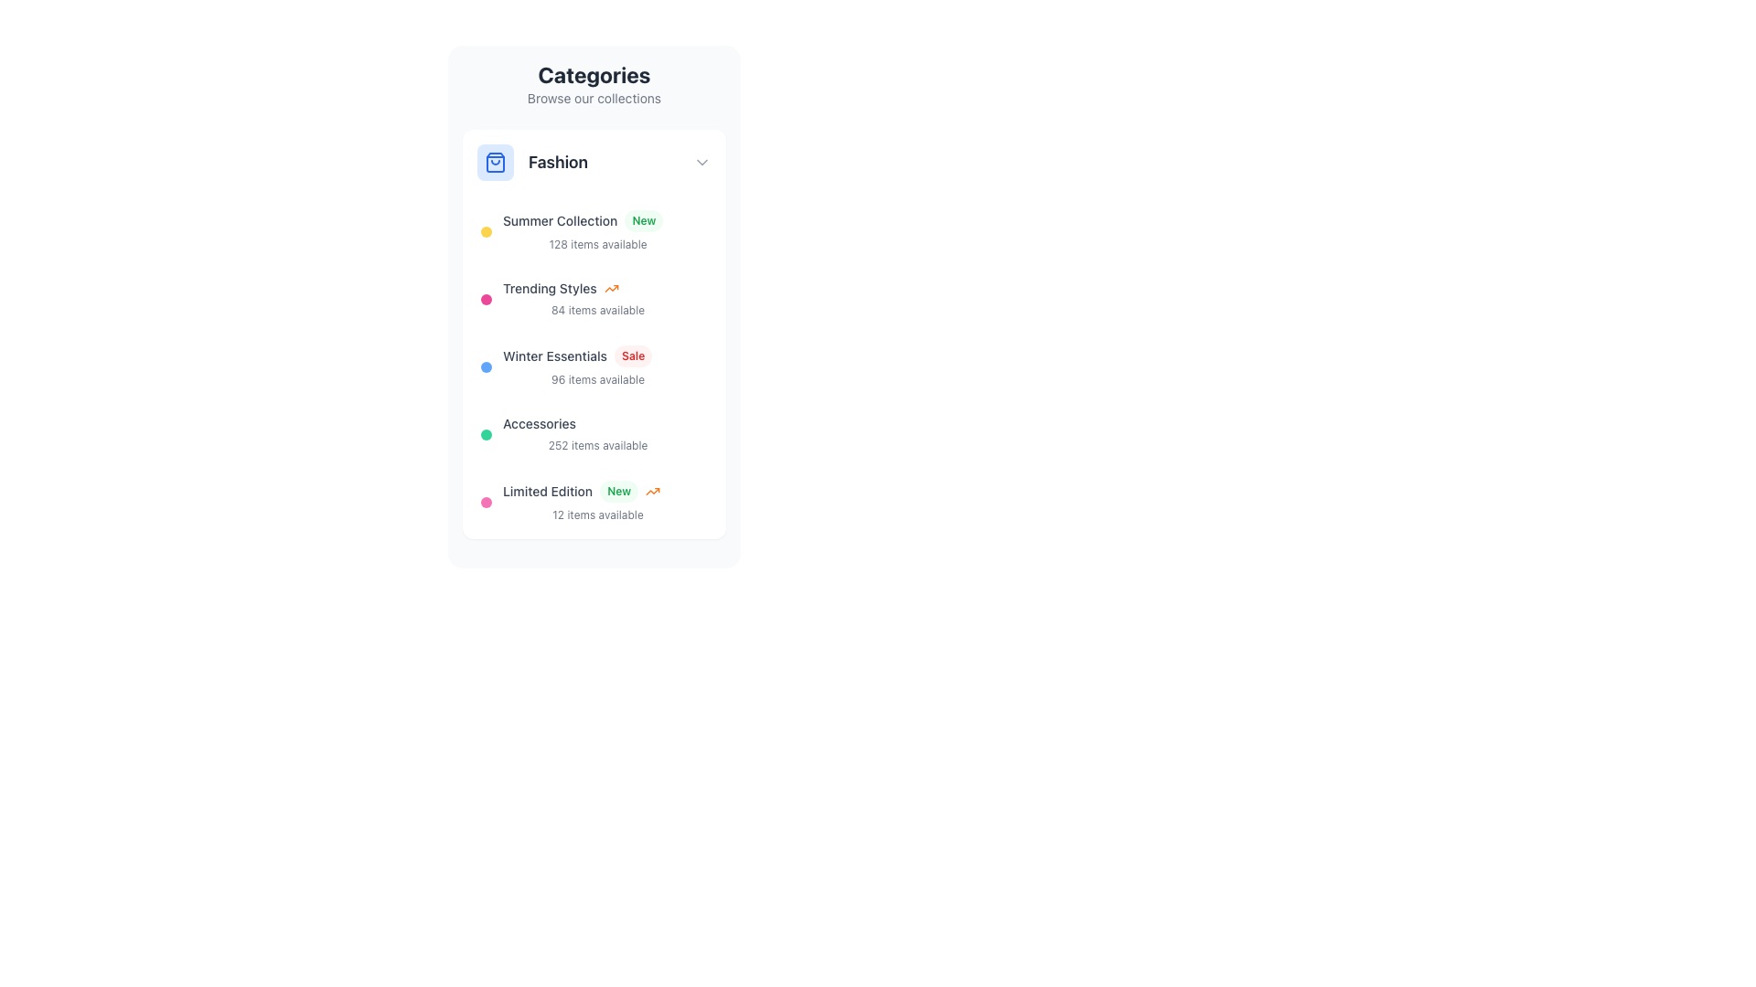 Image resolution: width=1756 pixels, height=987 pixels. What do you see at coordinates (547, 490) in the screenshot?
I see `the 'Limited Edition' label, which indicates a unique status for items in the 'Fashion' category, located at the bottom of the category list` at bounding box center [547, 490].